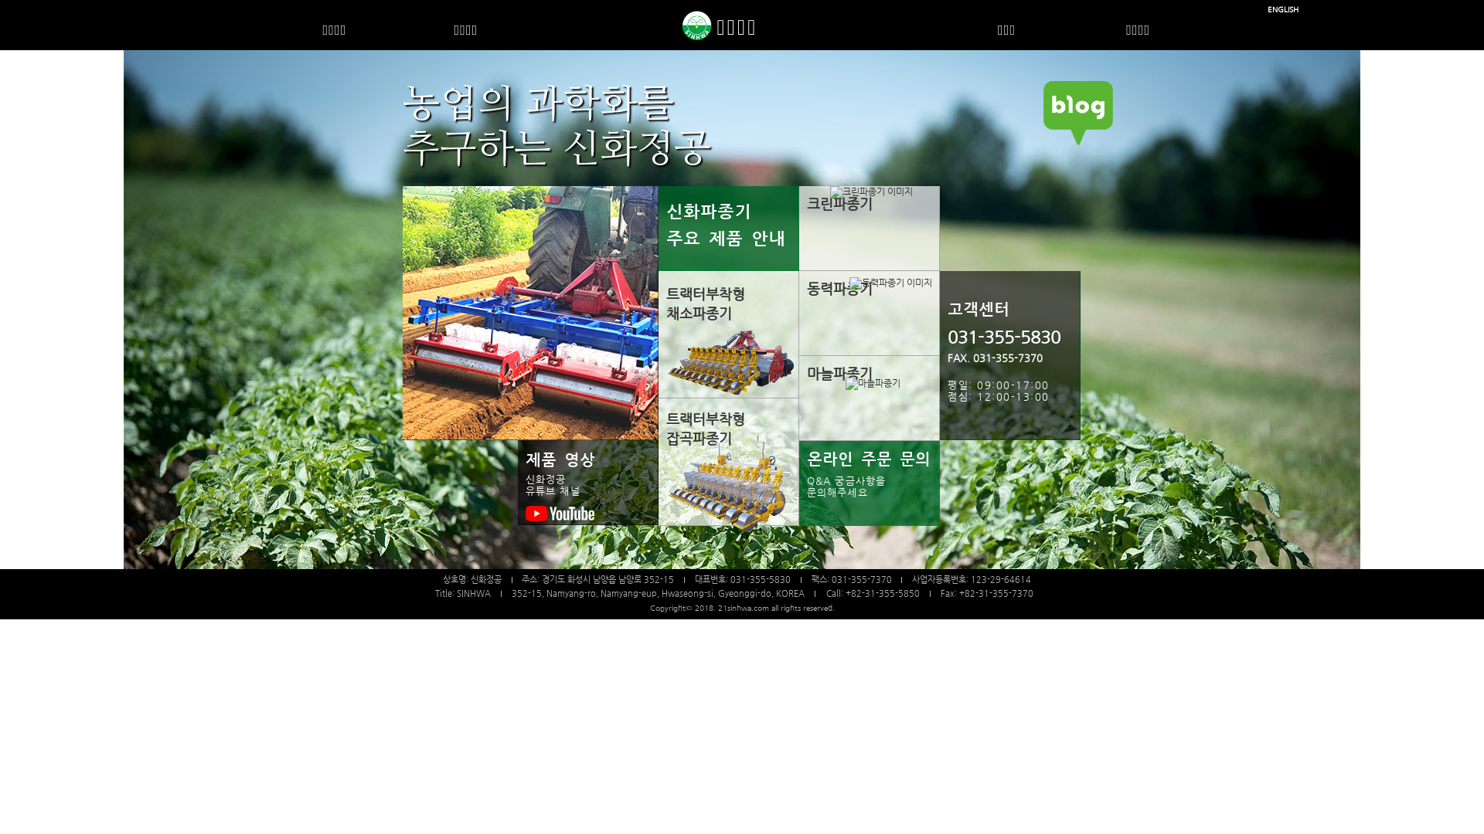 Image resolution: width=1484 pixels, height=834 pixels. I want to click on 'ENGLISH', so click(1283, 9).